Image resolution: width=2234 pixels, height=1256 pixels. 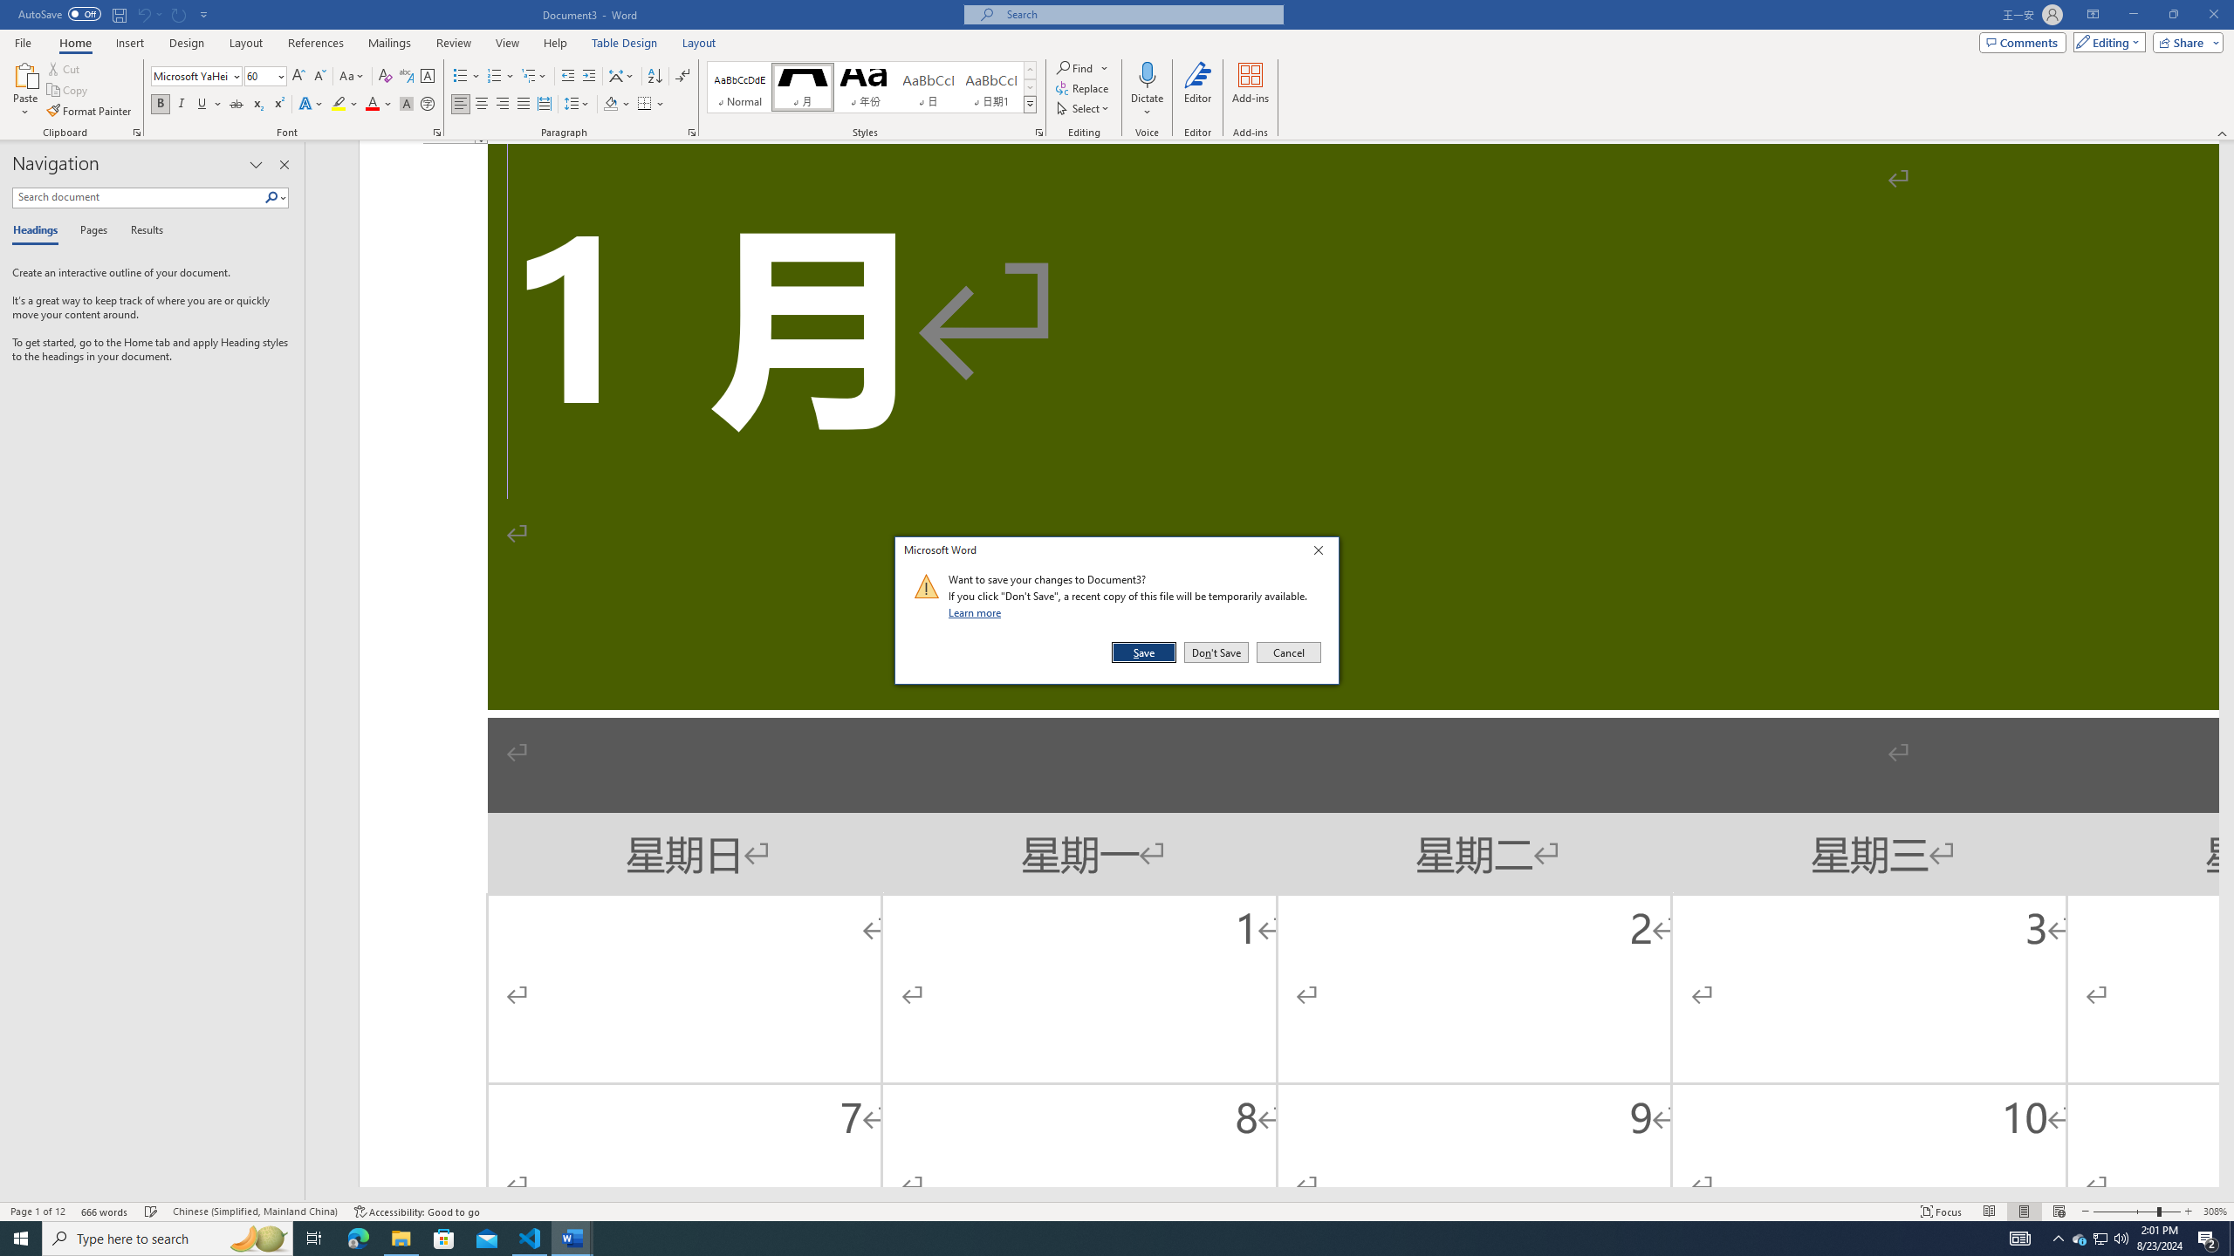 I want to click on 'Print Layout', so click(x=2024, y=1212).